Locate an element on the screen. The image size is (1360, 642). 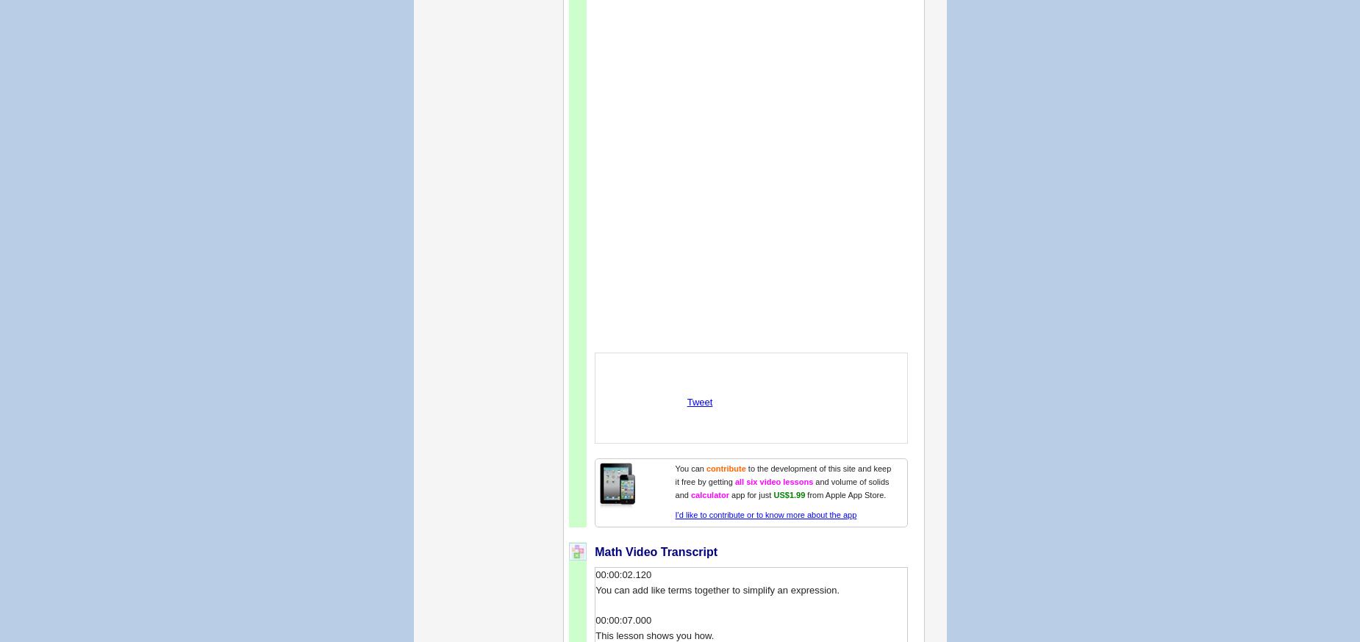
'You can add like terms together to simplify an expression.' is located at coordinates (717, 589).